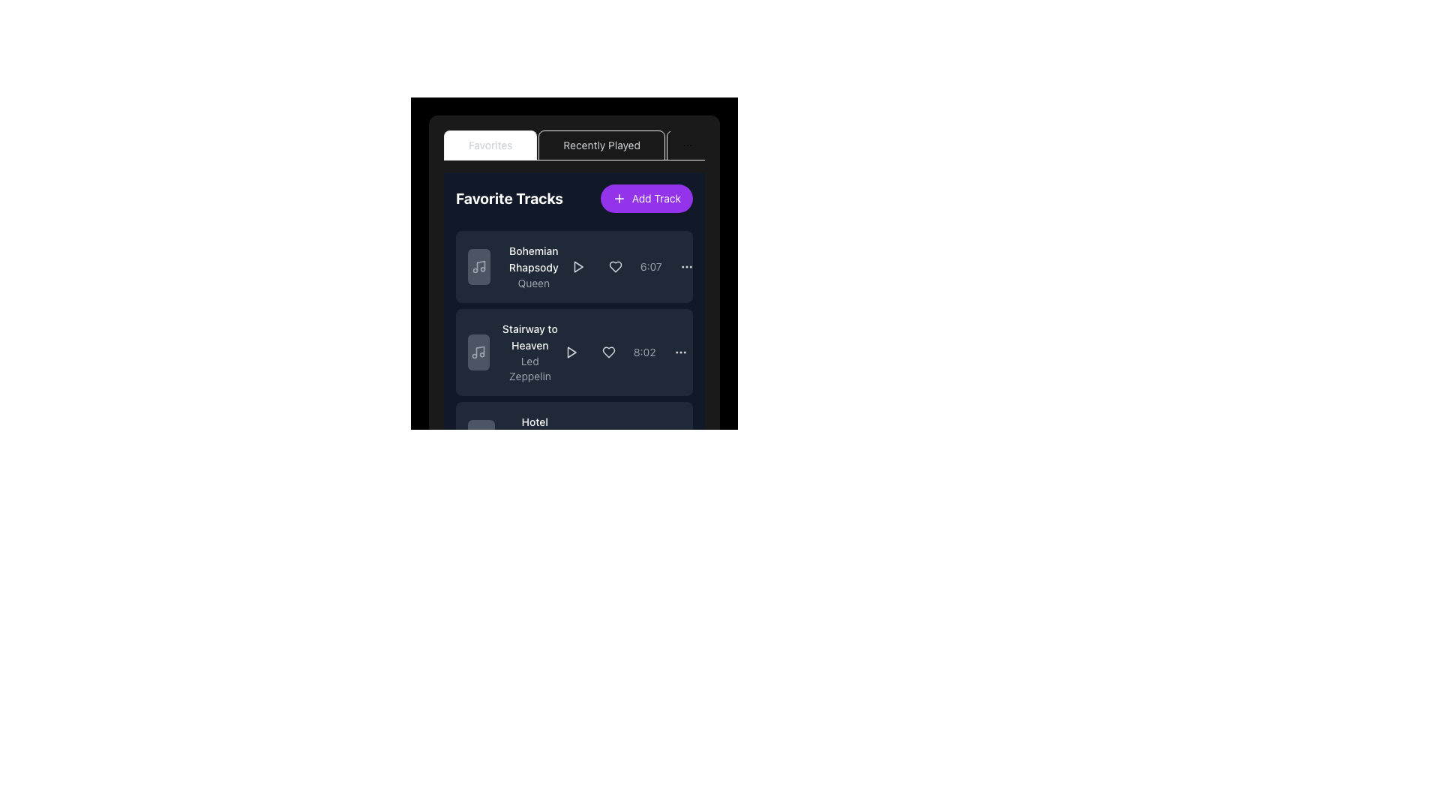 This screenshot has height=810, width=1440. What do you see at coordinates (601, 145) in the screenshot?
I see `the 'Recently Played' tab in the tab navigation system to switch to the 'Recently Played' section` at bounding box center [601, 145].